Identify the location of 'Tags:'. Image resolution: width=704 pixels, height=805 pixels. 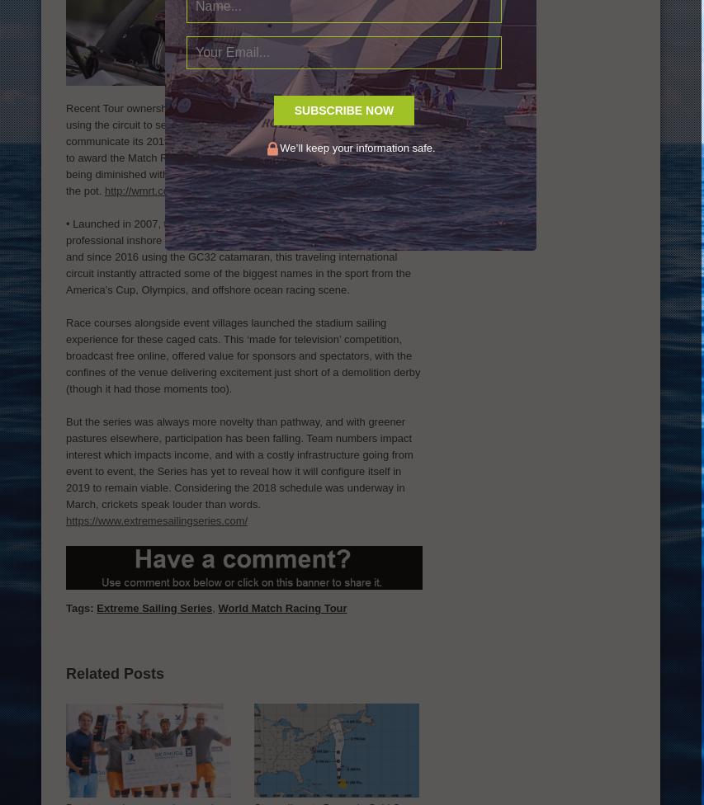
(78, 607).